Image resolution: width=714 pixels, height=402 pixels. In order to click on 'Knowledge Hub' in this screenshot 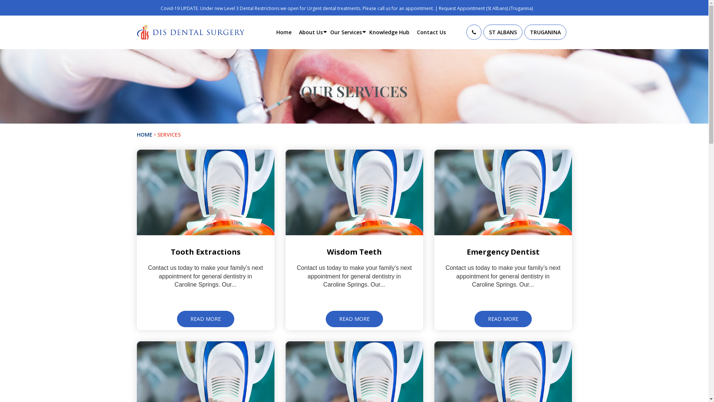, I will do `click(366, 32)`.